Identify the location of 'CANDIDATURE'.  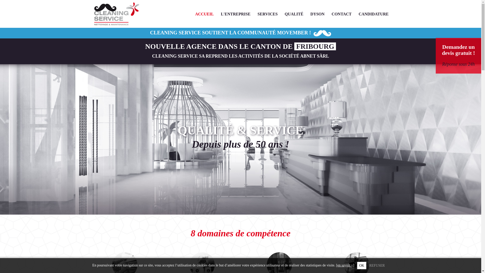
(355, 14).